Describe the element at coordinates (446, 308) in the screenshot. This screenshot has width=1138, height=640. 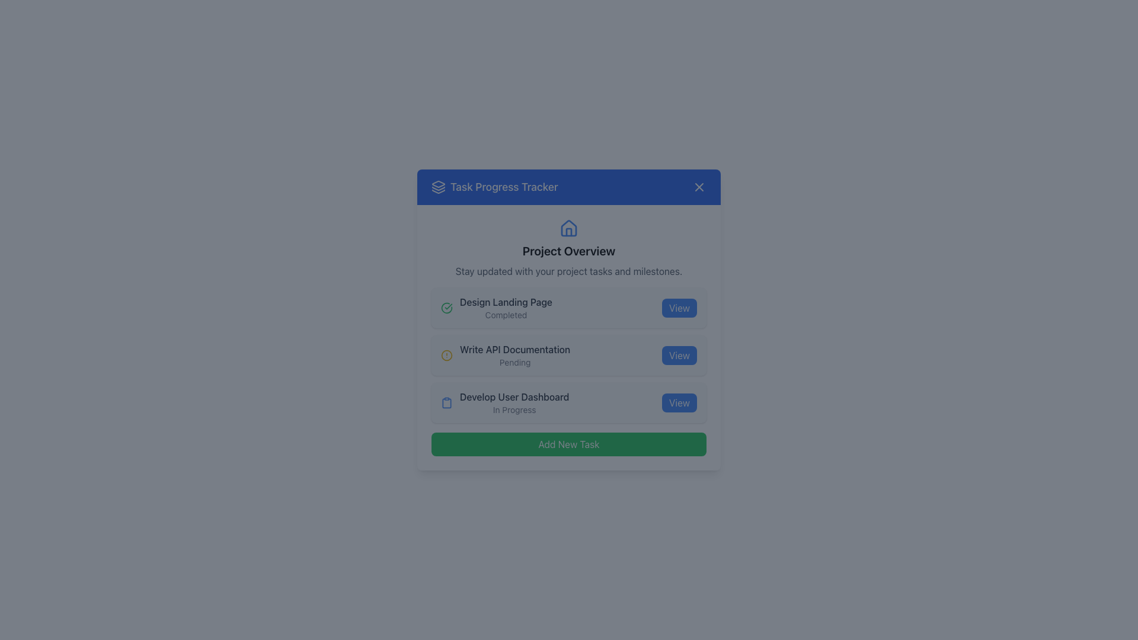
I see `the Graphical Status Indicator that signifies the status of the 'Design Landing Page' task as completed, located at the leftmost side of the row containing the text 'Design Landing Page'` at that location.